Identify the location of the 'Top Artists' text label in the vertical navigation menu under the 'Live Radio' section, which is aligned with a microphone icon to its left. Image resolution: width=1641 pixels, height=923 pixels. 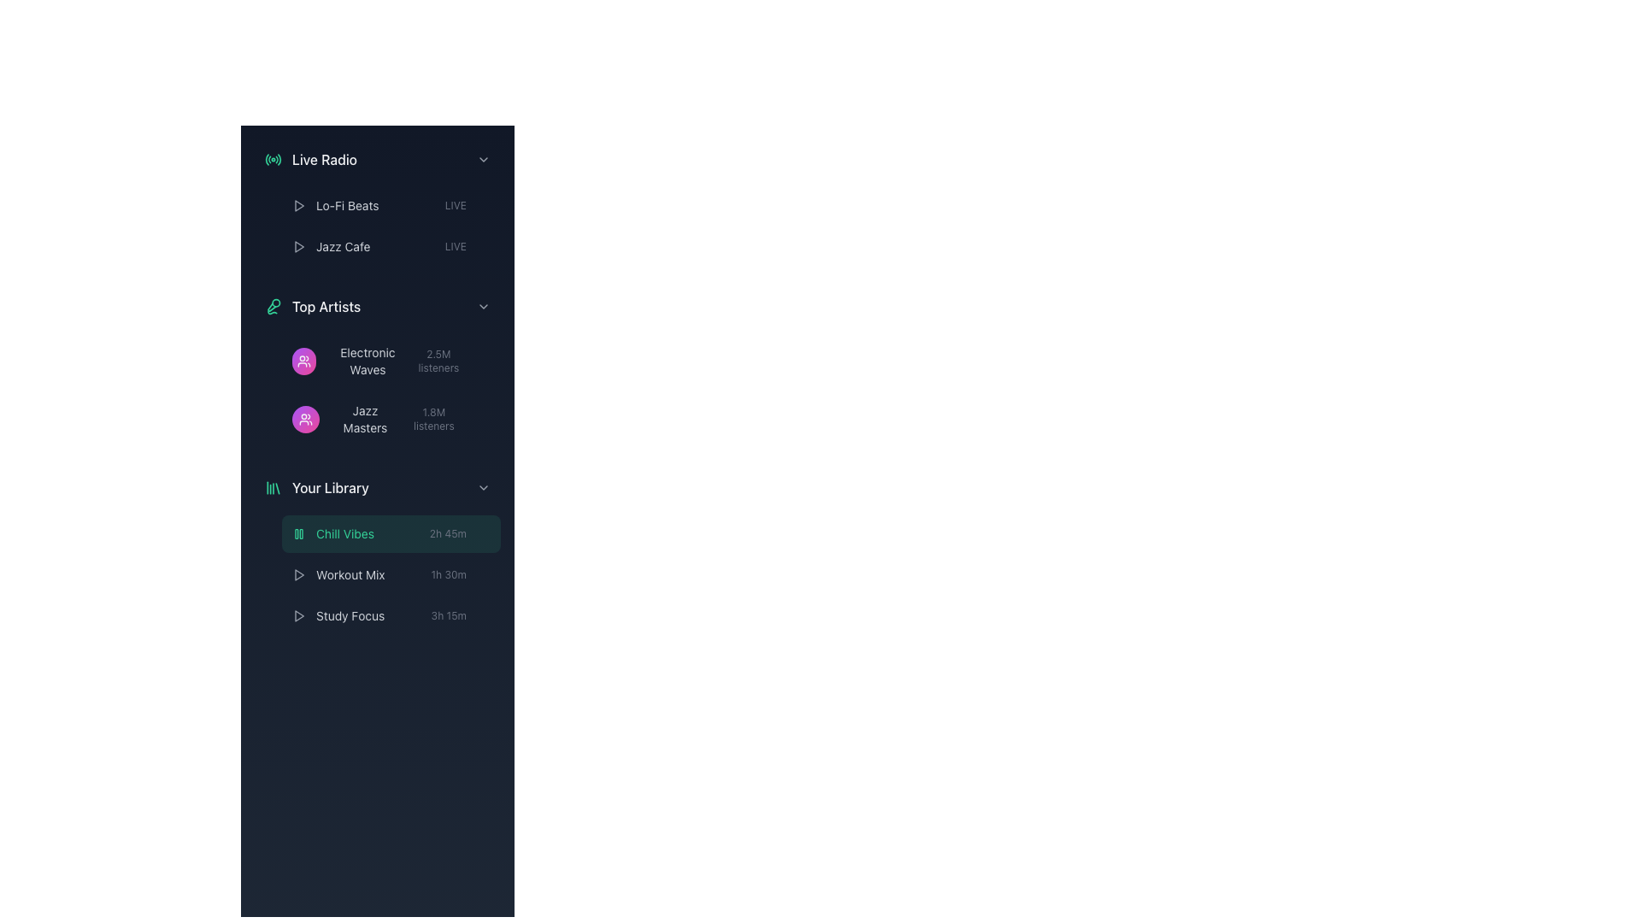
(326, 305).